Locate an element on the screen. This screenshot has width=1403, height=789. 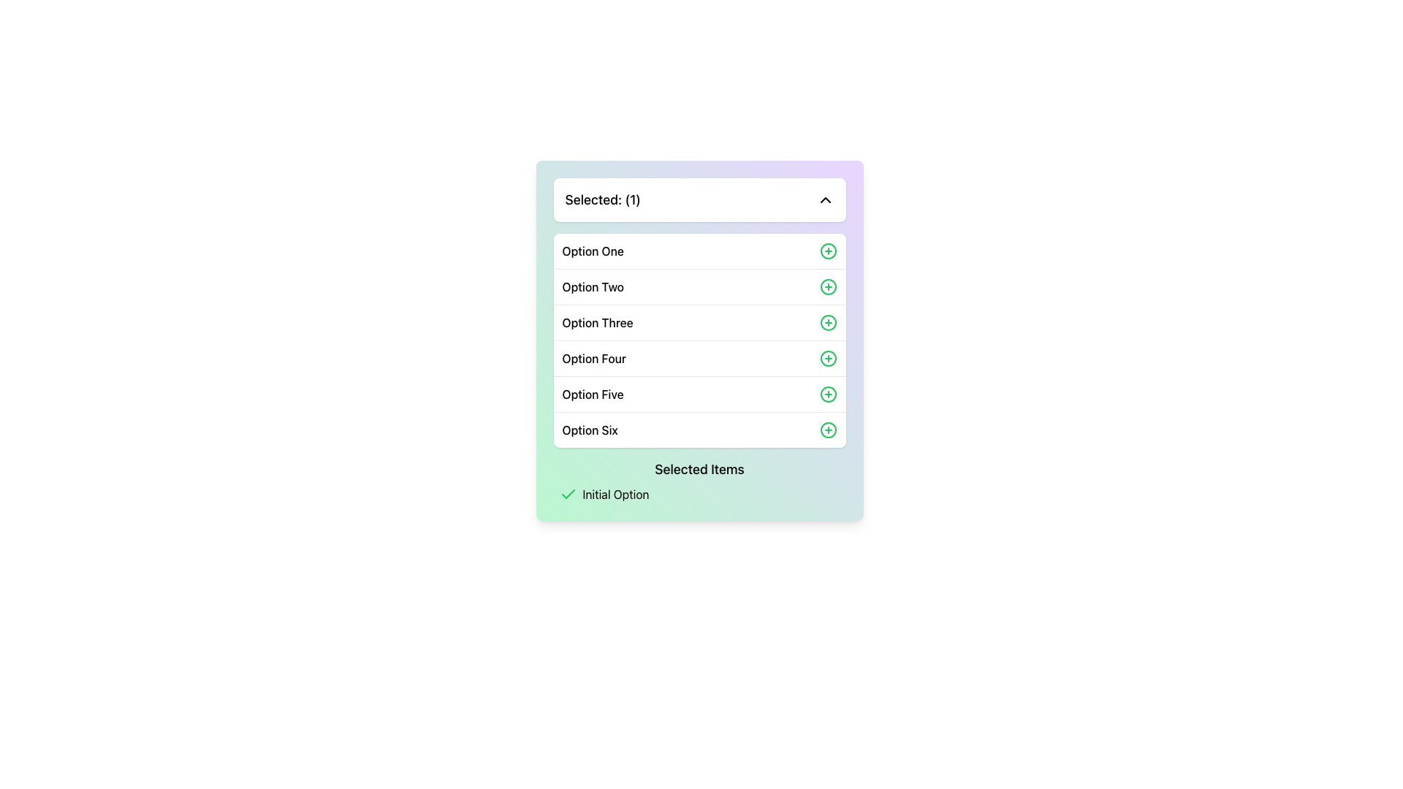
the green circular '+' button located next to 'Option Two' in the dropdown labeled 'Selected: (1)' is located at coordinates (828, 287).